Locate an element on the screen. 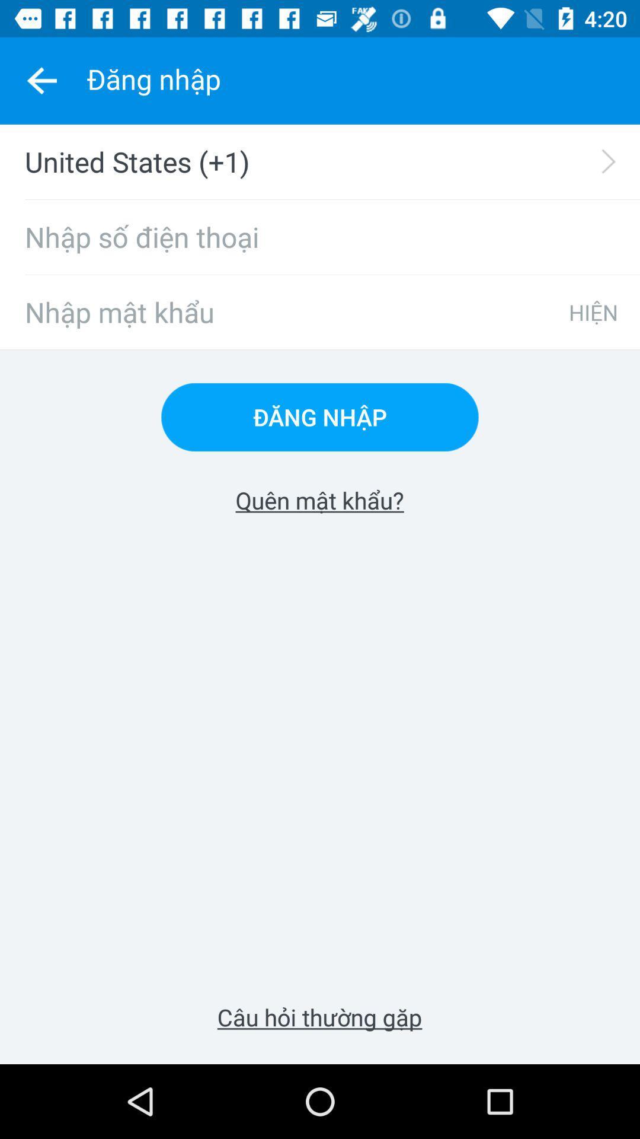 This screenshot has width=640, height=1139. item above the united states (+1) icon is located at coordinates (41, 80).